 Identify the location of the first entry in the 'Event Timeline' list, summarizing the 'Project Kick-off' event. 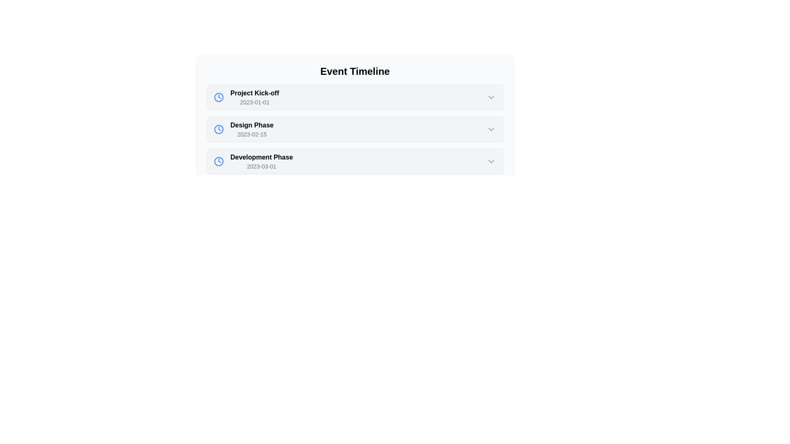
(355, 97).